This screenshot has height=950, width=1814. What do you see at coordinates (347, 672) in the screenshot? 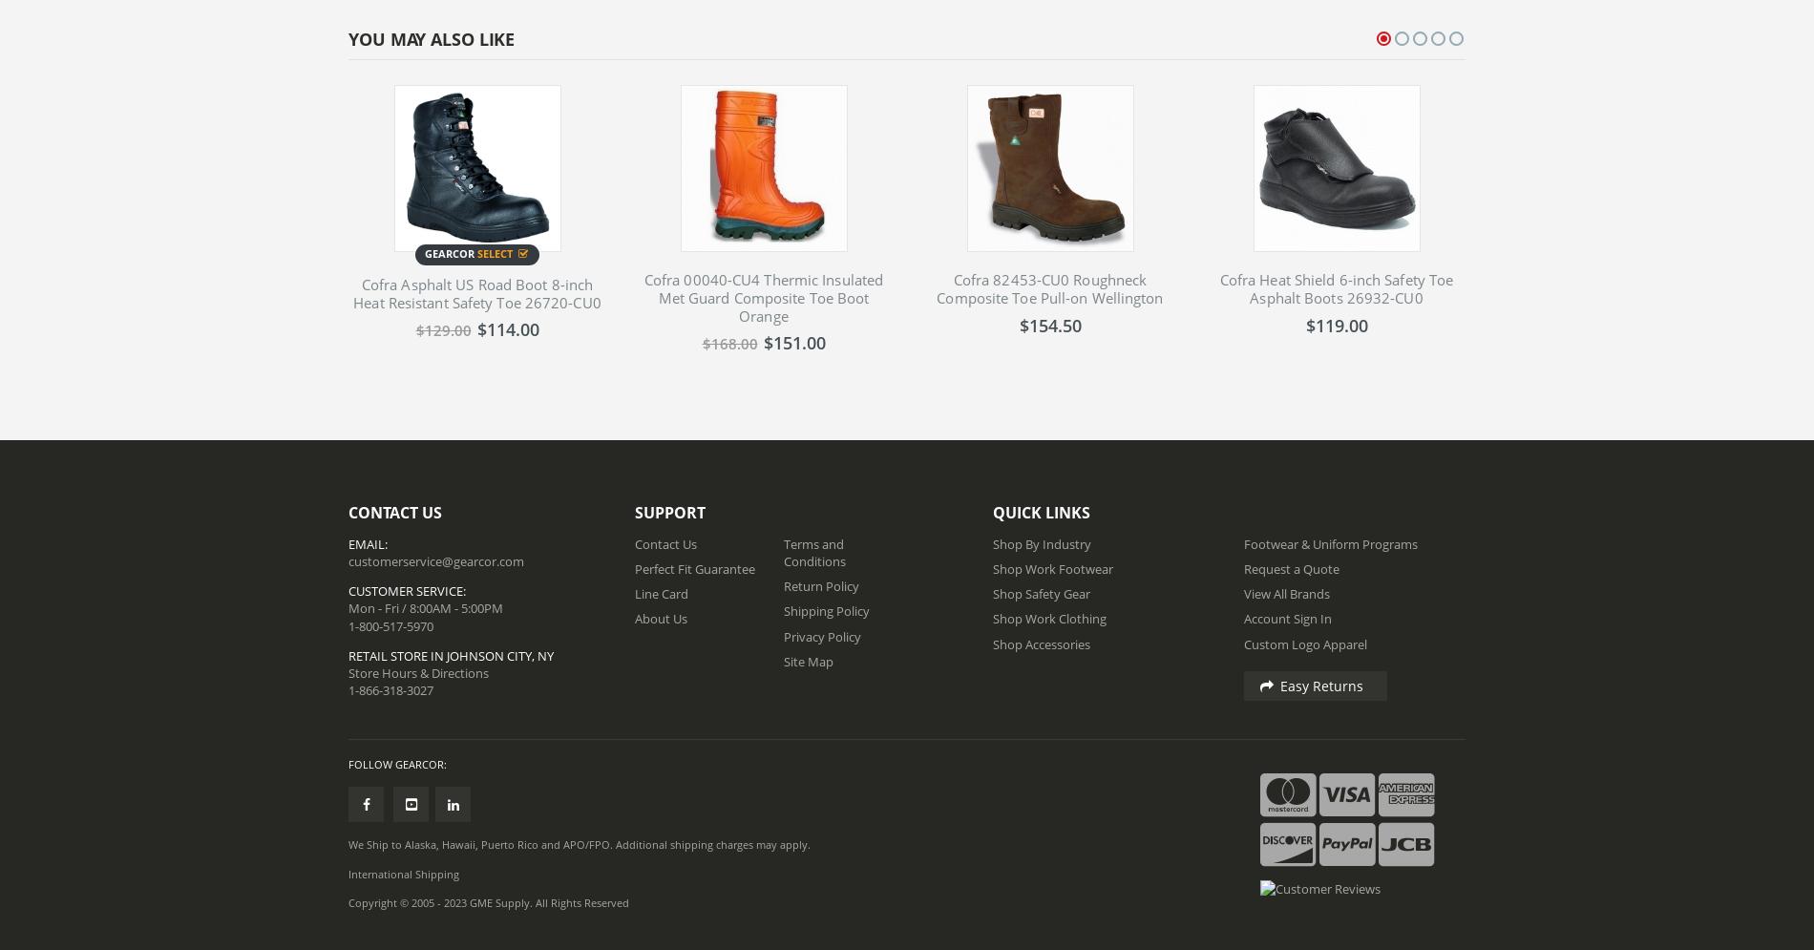
I see `'Store Hours & Directions'` at bounding box center [347, 672].